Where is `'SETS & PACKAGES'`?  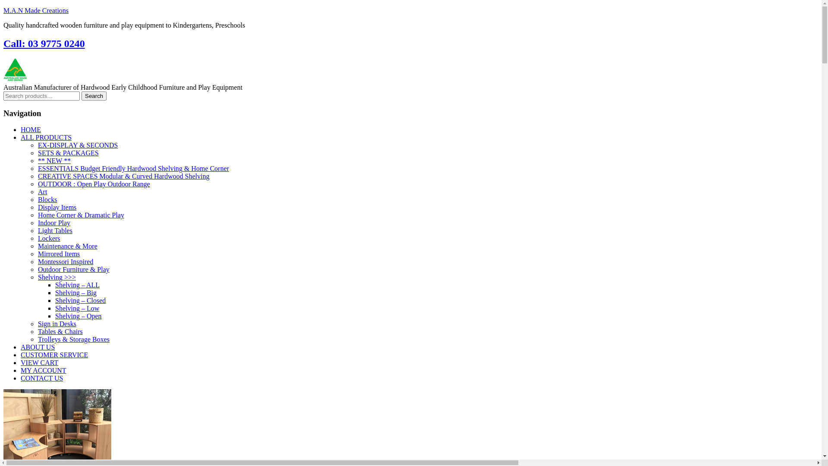 'SETS & PACKAGES' is located at coordinates (37, 152).